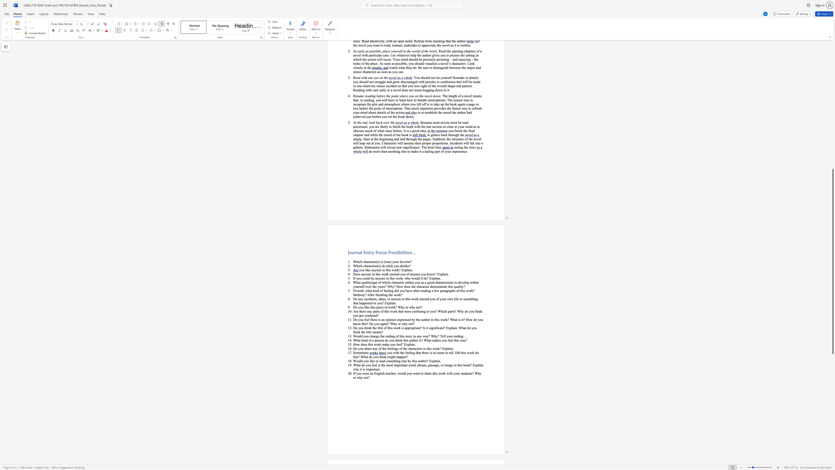 The image size is (835, 470). Describe the element at coordinates (411, 327) in the screenshot. I see `the 1th character "o" in the text` at that location.